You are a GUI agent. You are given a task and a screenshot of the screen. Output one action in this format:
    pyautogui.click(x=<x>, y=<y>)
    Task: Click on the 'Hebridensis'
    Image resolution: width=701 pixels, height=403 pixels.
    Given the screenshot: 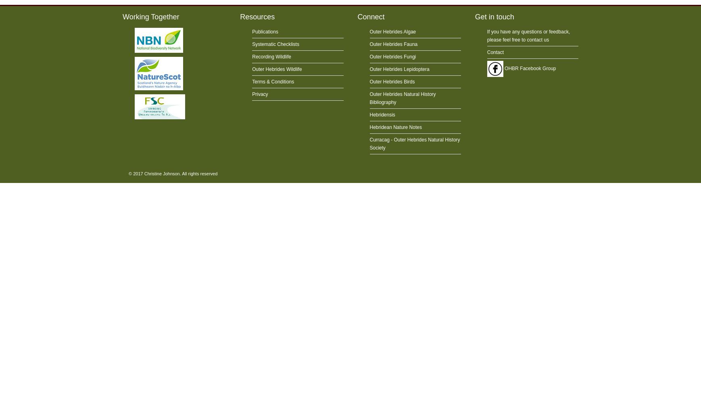 What is the action you would take?
    pyautogui.click(x=382, y=115)
    